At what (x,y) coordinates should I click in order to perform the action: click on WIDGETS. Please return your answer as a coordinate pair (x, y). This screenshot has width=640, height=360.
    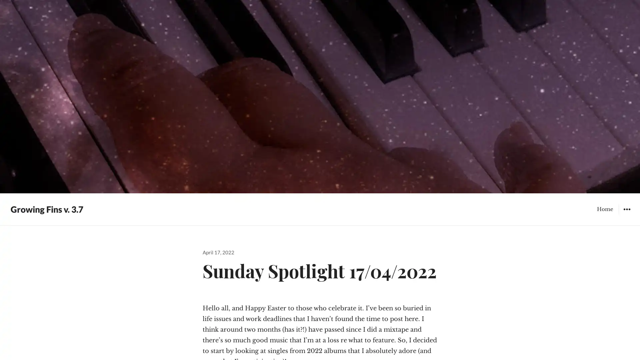
    Looking at the image, I should click on (626, 209).